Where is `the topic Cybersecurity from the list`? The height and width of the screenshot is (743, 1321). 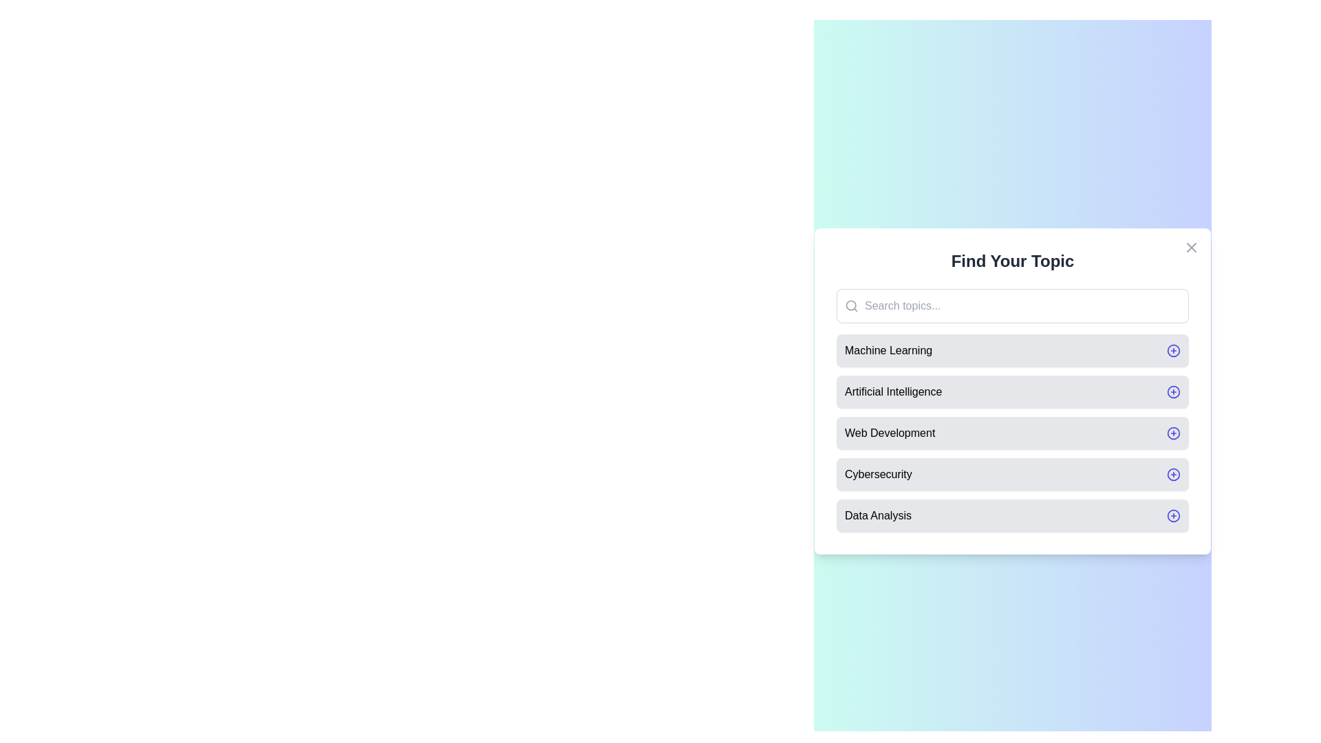
the topic Cybersecurity from the list is located at coordinates (1013, 474).